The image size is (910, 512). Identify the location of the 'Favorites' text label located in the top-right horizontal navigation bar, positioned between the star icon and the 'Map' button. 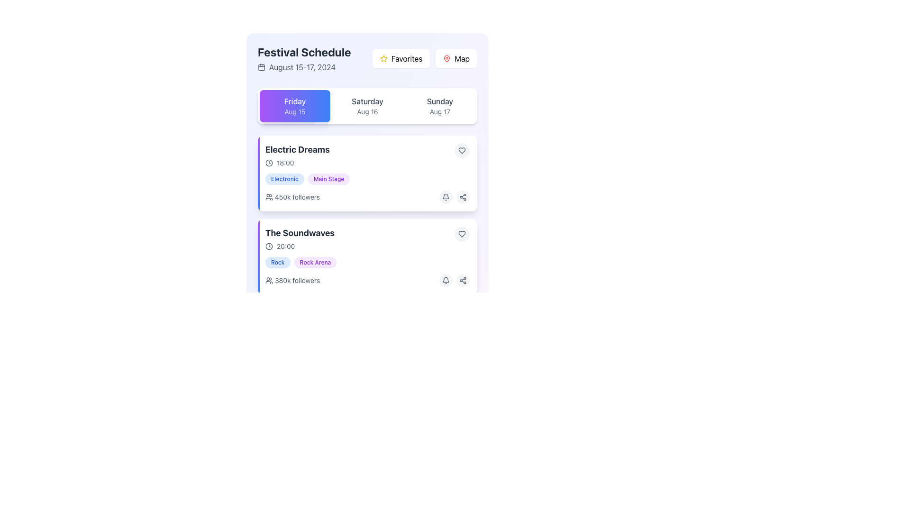
(407, 58).